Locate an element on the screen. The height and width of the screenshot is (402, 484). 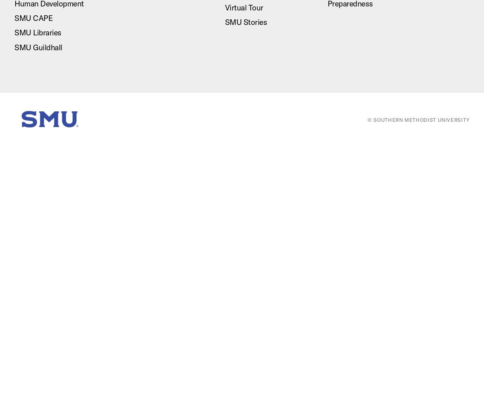
'SMU Guildhall' is located at coordinates (38, 47).